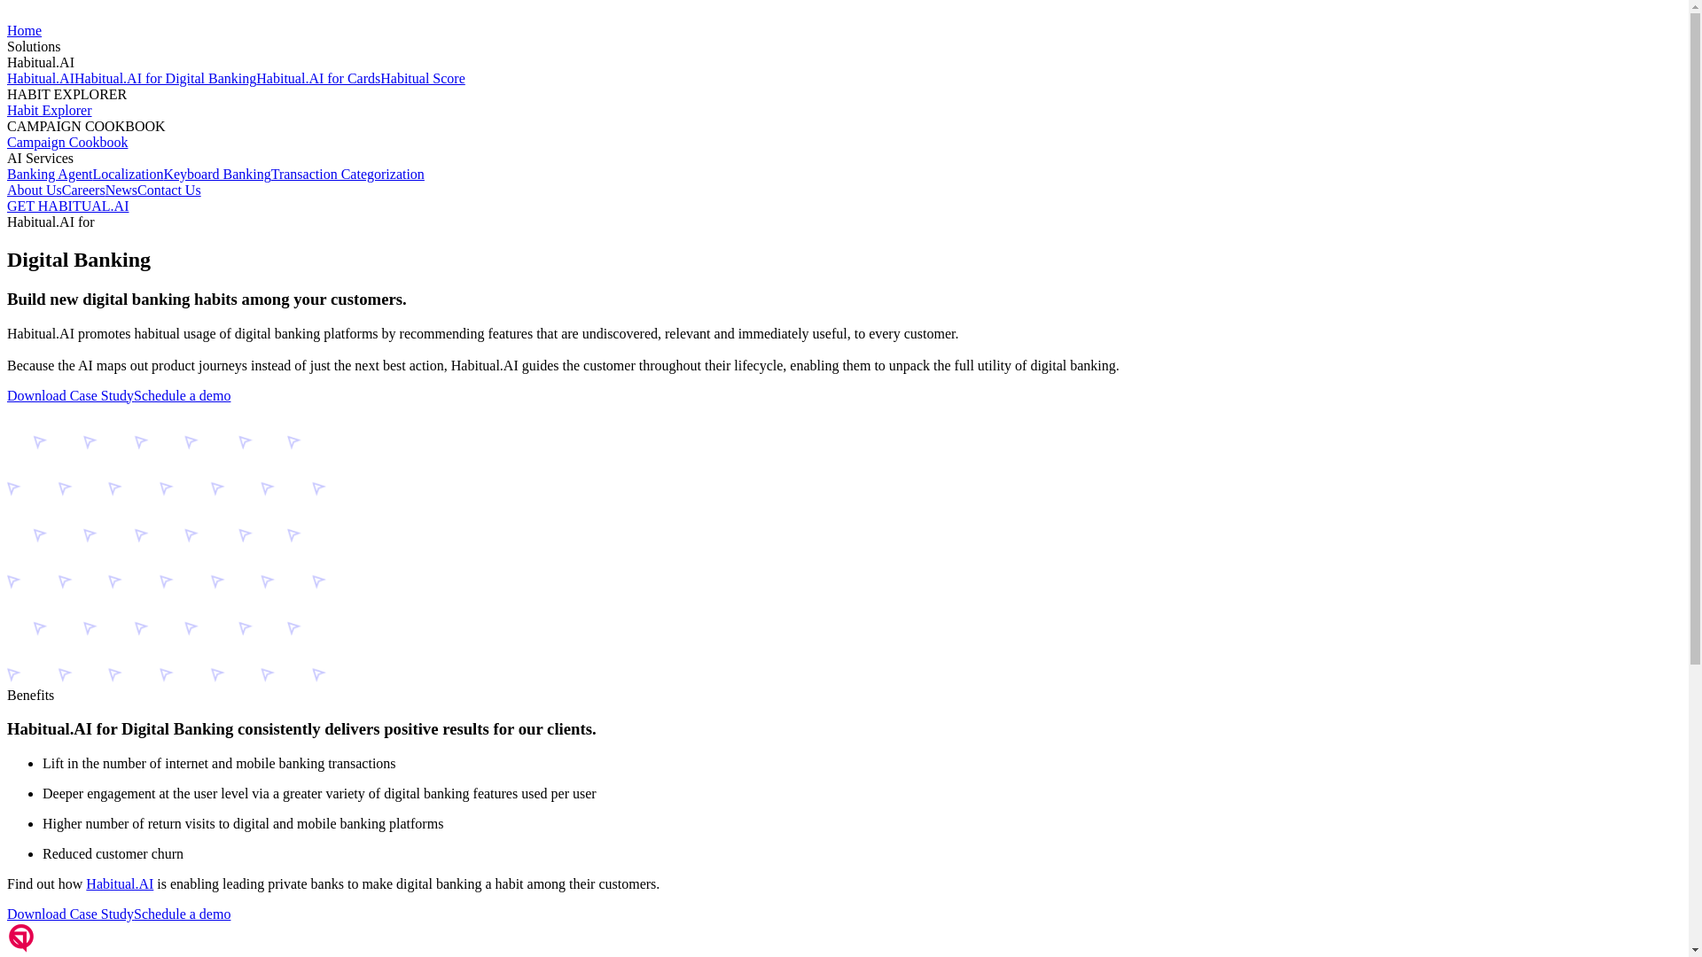 This screenshot has height=957, width=1702. What do you see at coordinates (82, 190) in the screenshot?
I see `'Careers'` at bounding box center [82, 190].